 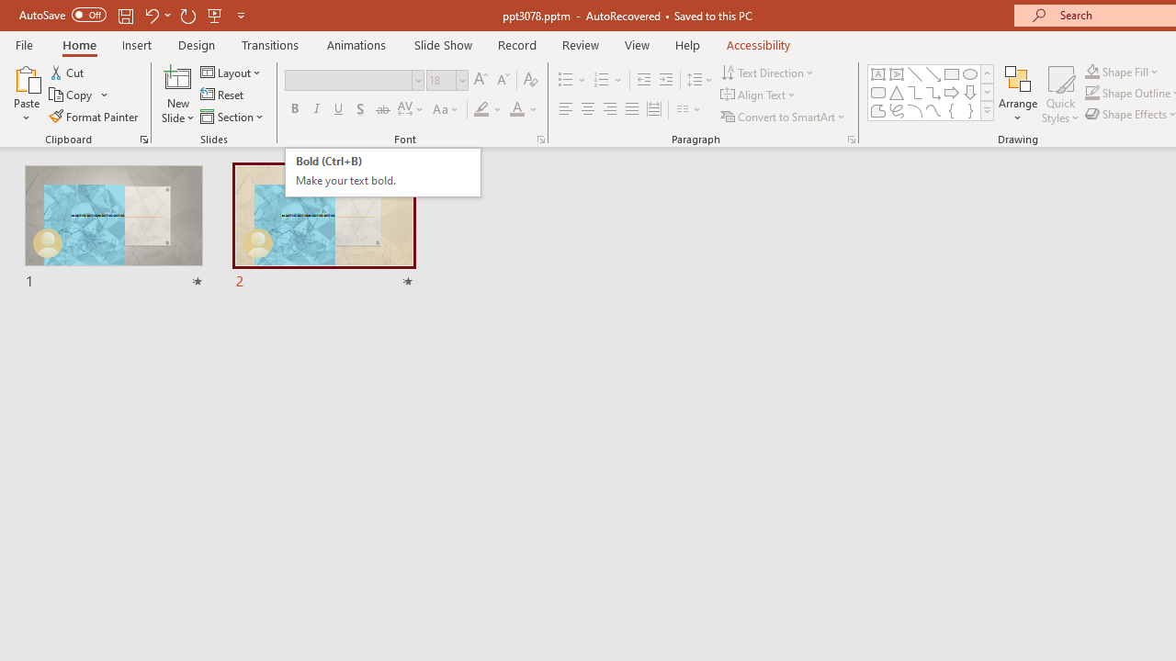 I want to click on 'Align Right', so click(x=609, y=109).